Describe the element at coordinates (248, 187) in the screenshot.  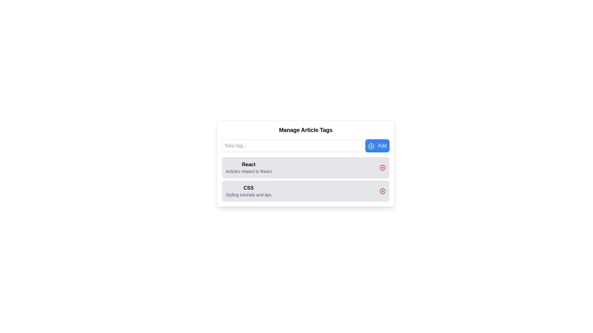
I see `the header text label that represents a topic related to CSS, located at the top of the component, above the descriptive text 'Styling tutorials and tips'` at that location.